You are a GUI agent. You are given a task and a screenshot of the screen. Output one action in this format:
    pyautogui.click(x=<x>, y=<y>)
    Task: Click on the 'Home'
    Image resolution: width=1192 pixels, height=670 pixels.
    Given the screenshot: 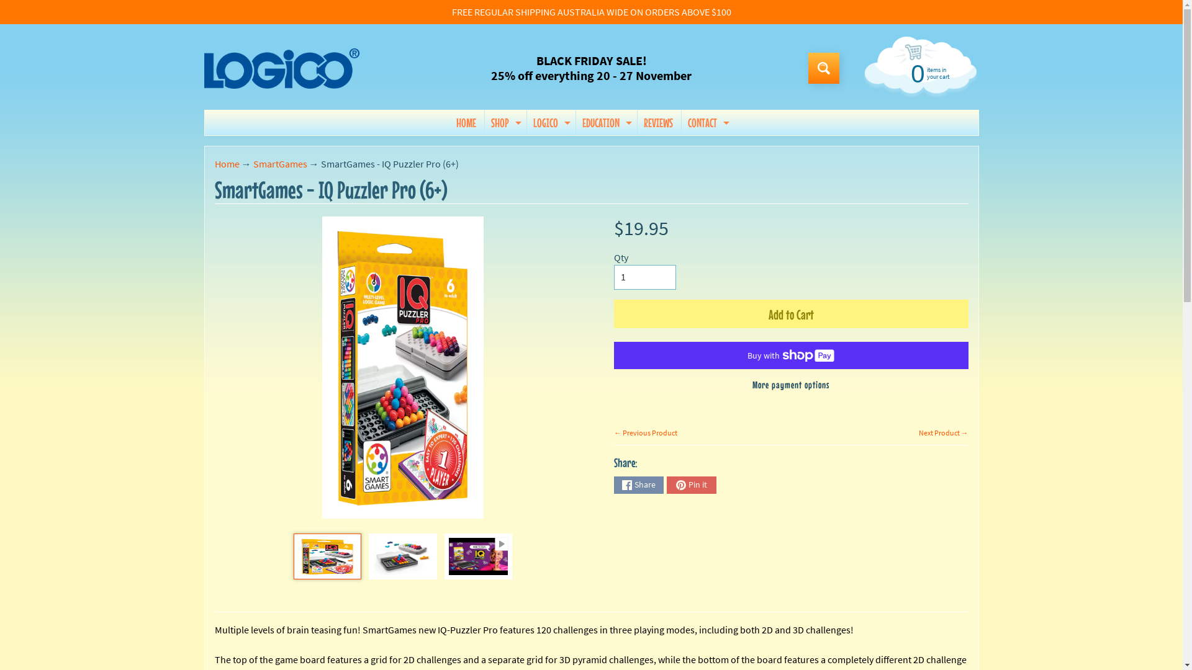 What is the action you would take?
    pyautogui.click(x=227, y=163)
    